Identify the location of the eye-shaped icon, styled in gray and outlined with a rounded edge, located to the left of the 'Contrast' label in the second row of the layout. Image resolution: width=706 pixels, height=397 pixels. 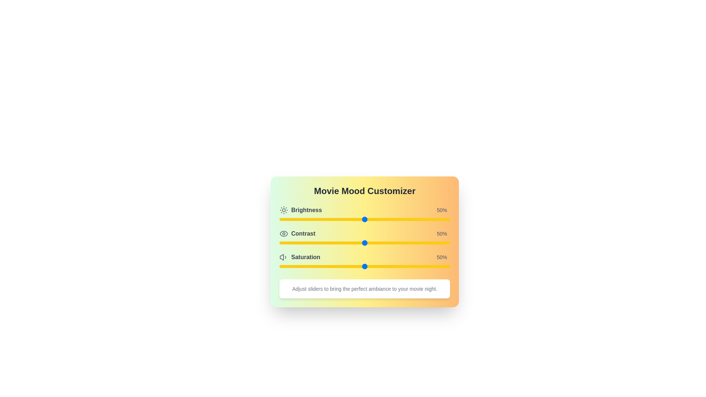
(284, 234).